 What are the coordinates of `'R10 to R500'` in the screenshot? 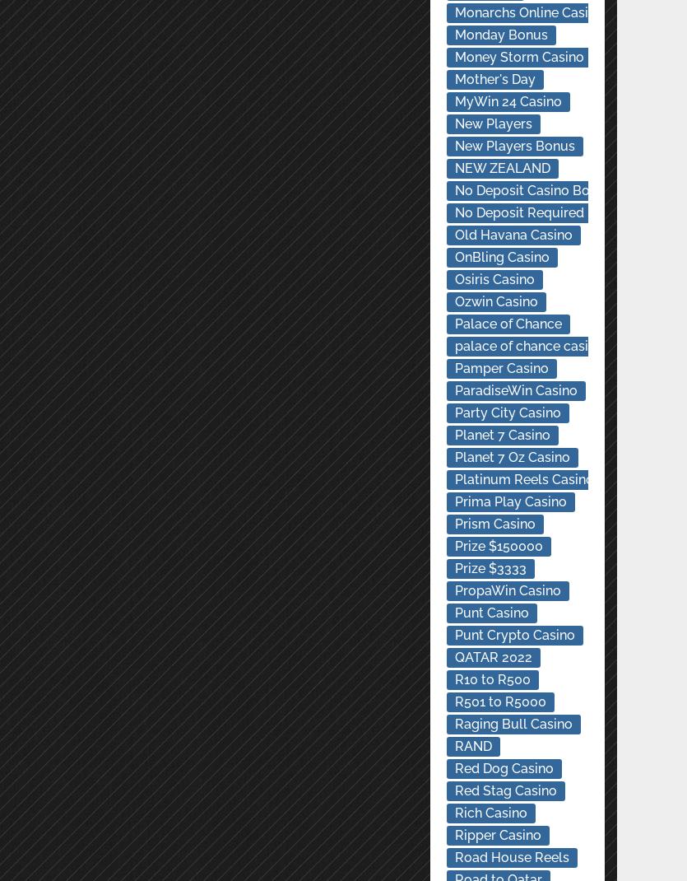 It's located at (454, 679).